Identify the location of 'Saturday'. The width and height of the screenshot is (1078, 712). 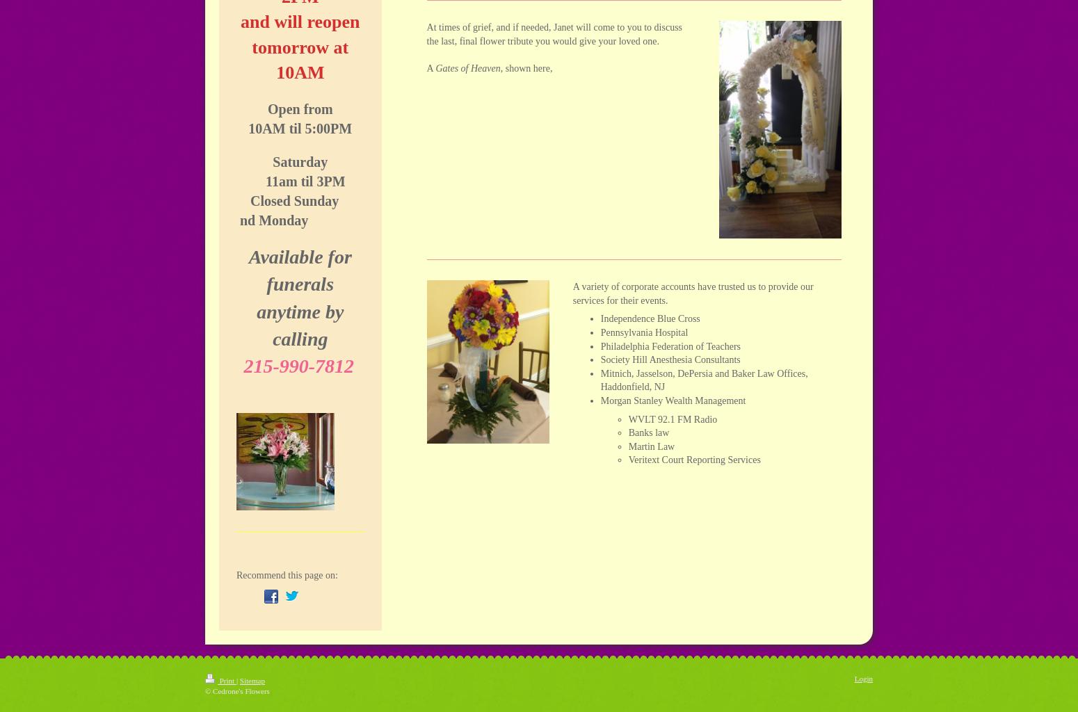
(300, 161).